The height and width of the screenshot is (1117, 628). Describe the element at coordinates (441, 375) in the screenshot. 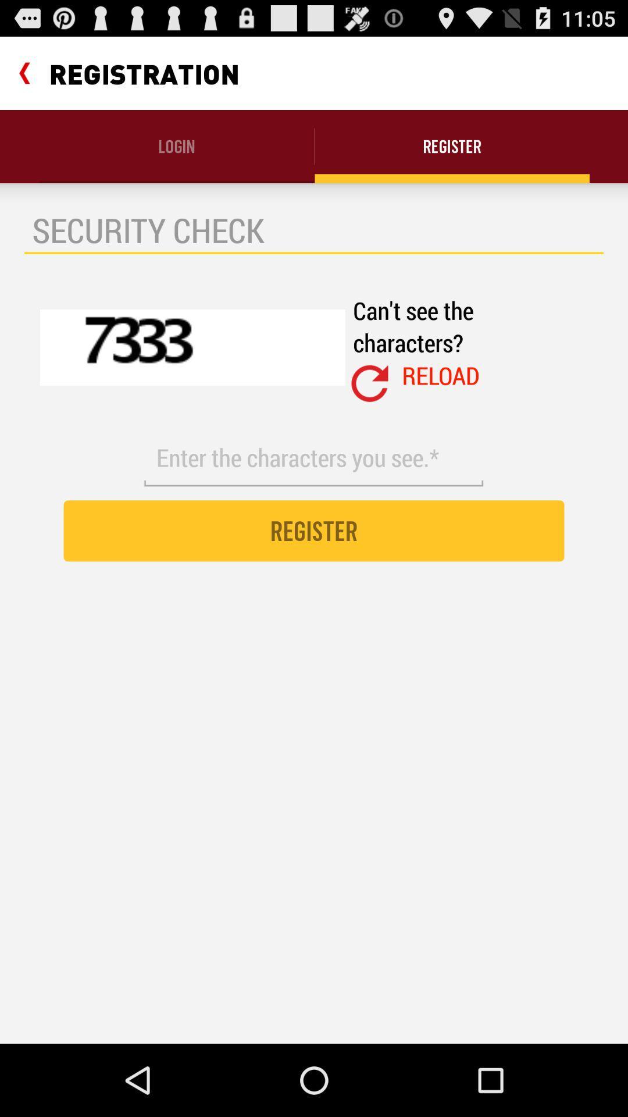

I see `item on the right` at that location.